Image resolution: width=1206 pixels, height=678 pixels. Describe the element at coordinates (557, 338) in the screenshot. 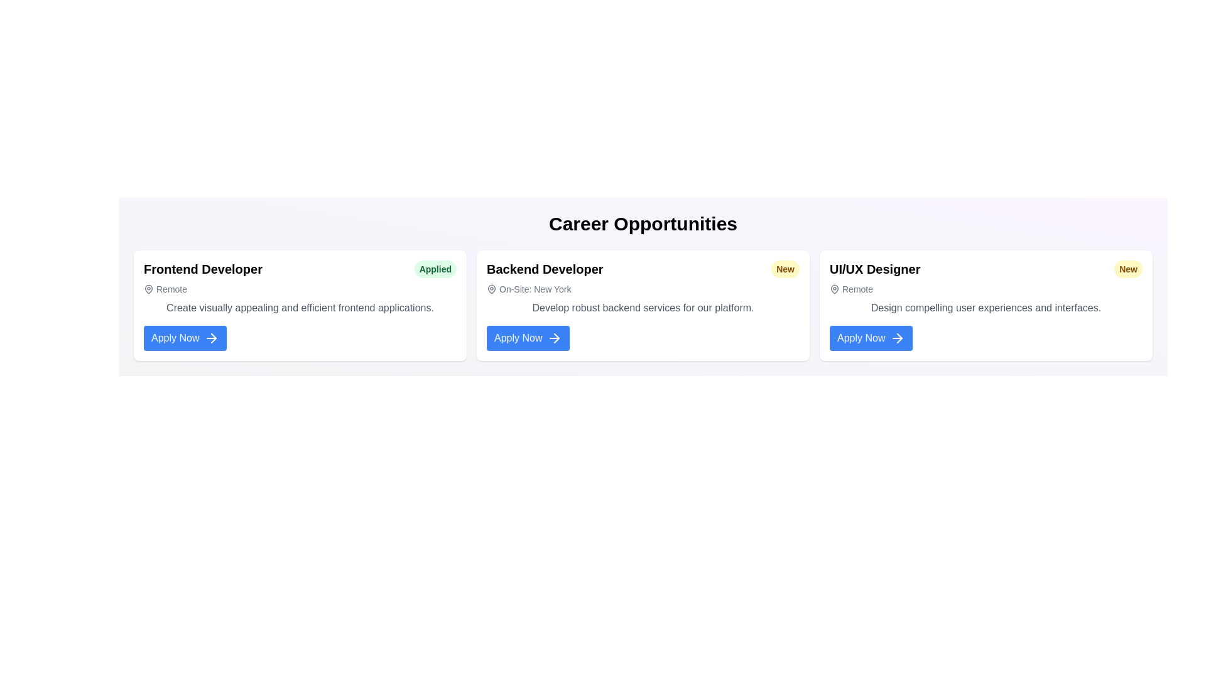

I see `the arrow icon located at the right side of the 'Apply Now' button under the 'Backend Developer' section` at that location.